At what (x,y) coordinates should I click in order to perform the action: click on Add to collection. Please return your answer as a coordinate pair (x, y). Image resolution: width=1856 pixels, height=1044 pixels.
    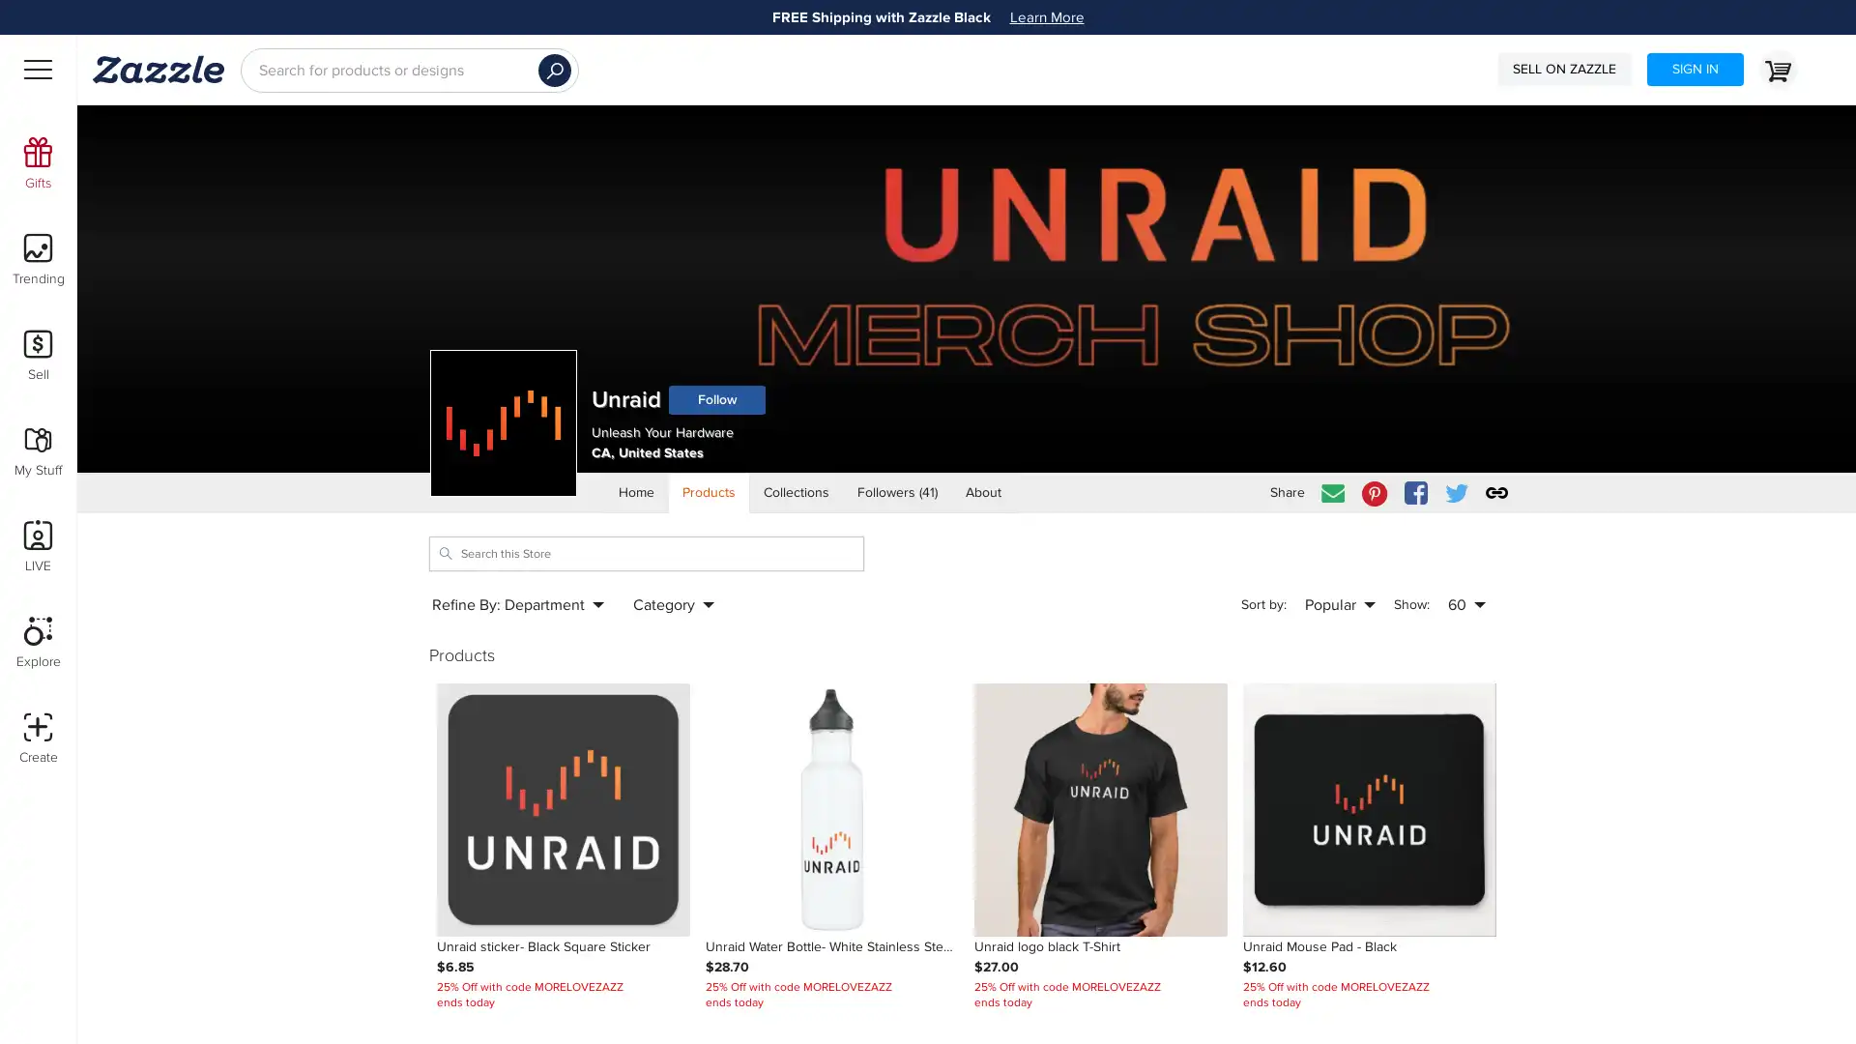
    Looking at the image, I should click on (1453, 701).